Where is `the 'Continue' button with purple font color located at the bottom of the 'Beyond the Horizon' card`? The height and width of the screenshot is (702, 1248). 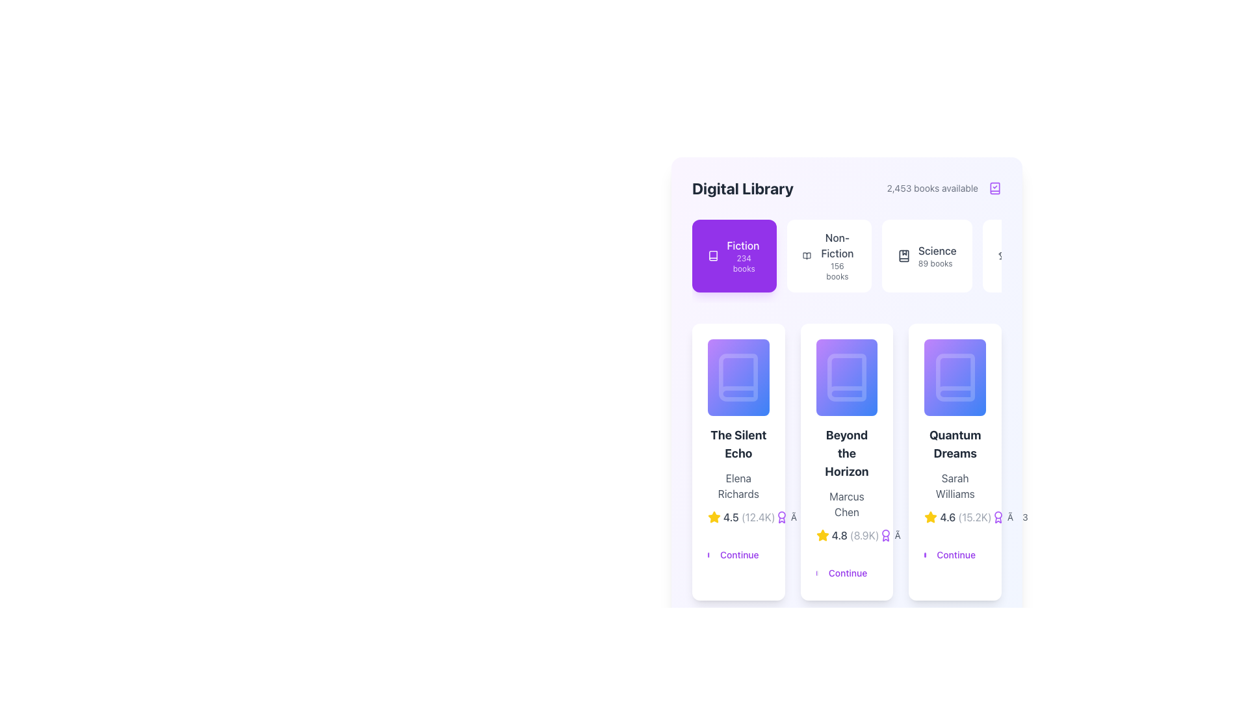 the 'Continue' button with purple font color located at the bottom of the 'Beyond the Horizon' card is located at coordinates (848, 573).